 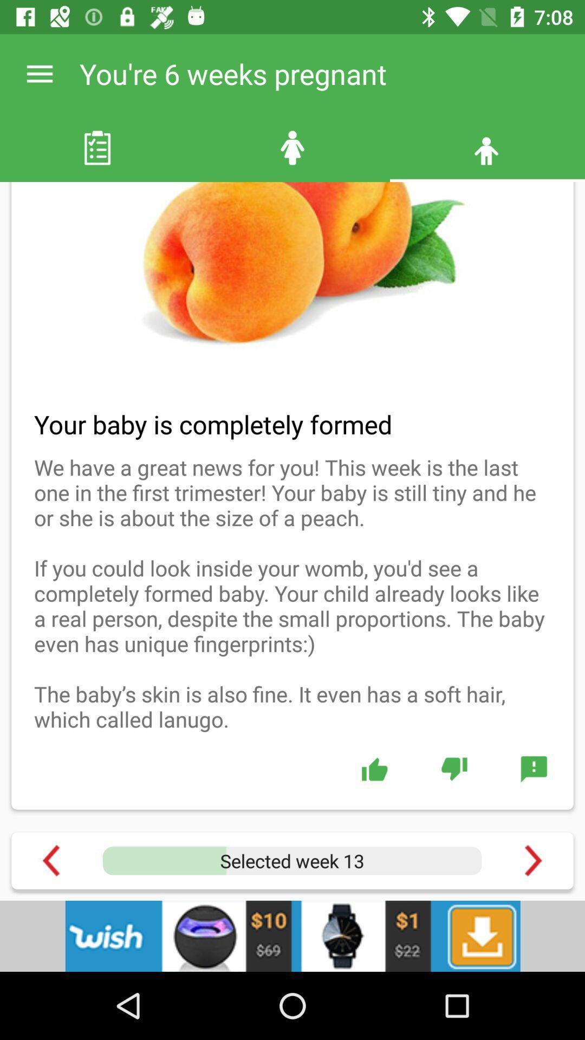 I want to click on next to the option, so click(x=532, y=860).